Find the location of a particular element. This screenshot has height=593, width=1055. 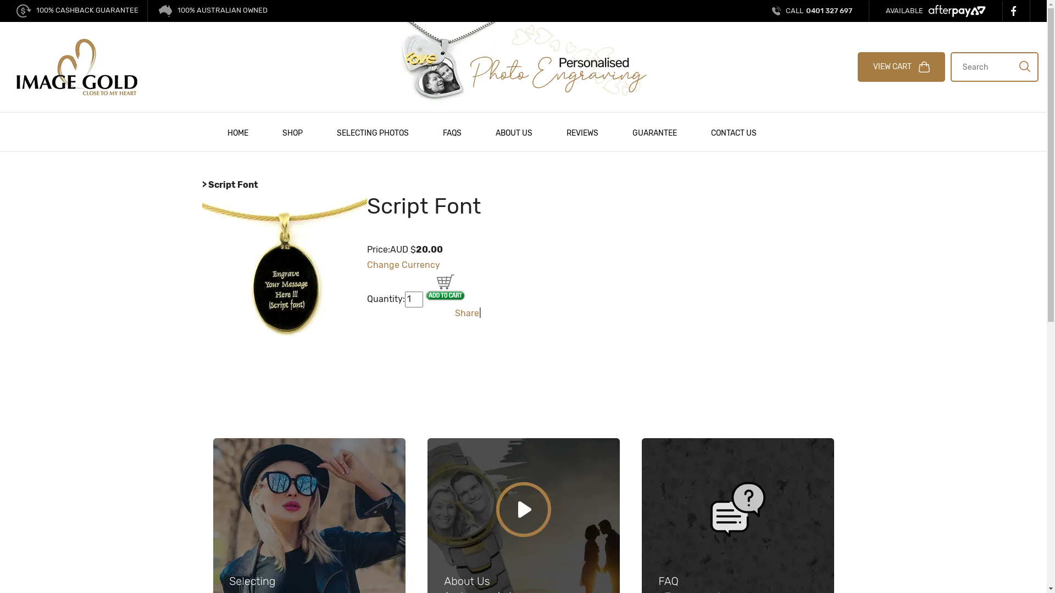

'facebook' is located at coordinates (1015, 10).